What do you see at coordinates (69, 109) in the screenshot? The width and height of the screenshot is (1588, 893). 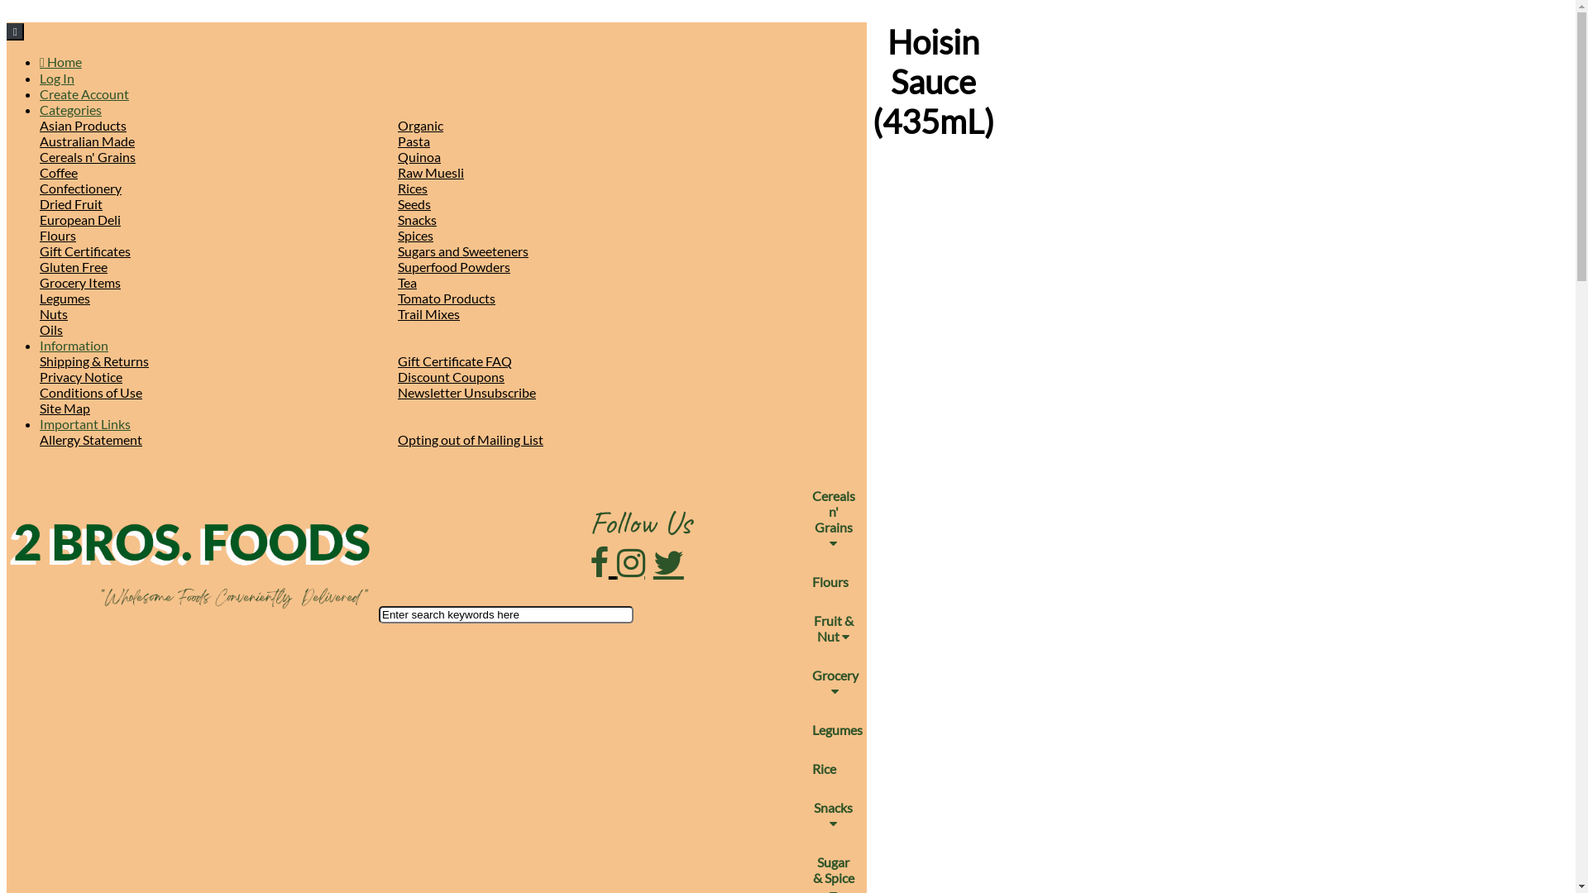 I see `'Categories'` at bounding box center [69, 109].